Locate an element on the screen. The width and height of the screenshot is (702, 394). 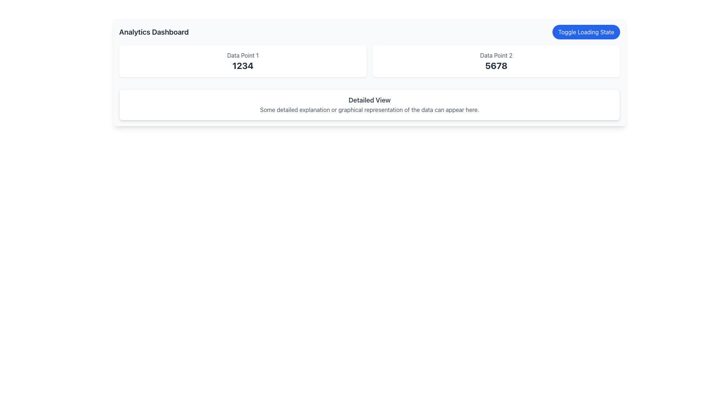
numeric value '5678' displayed in the top-right quadrant below 'Data Point 2' in the analytics dashboard is located at coordinates (496, 66).